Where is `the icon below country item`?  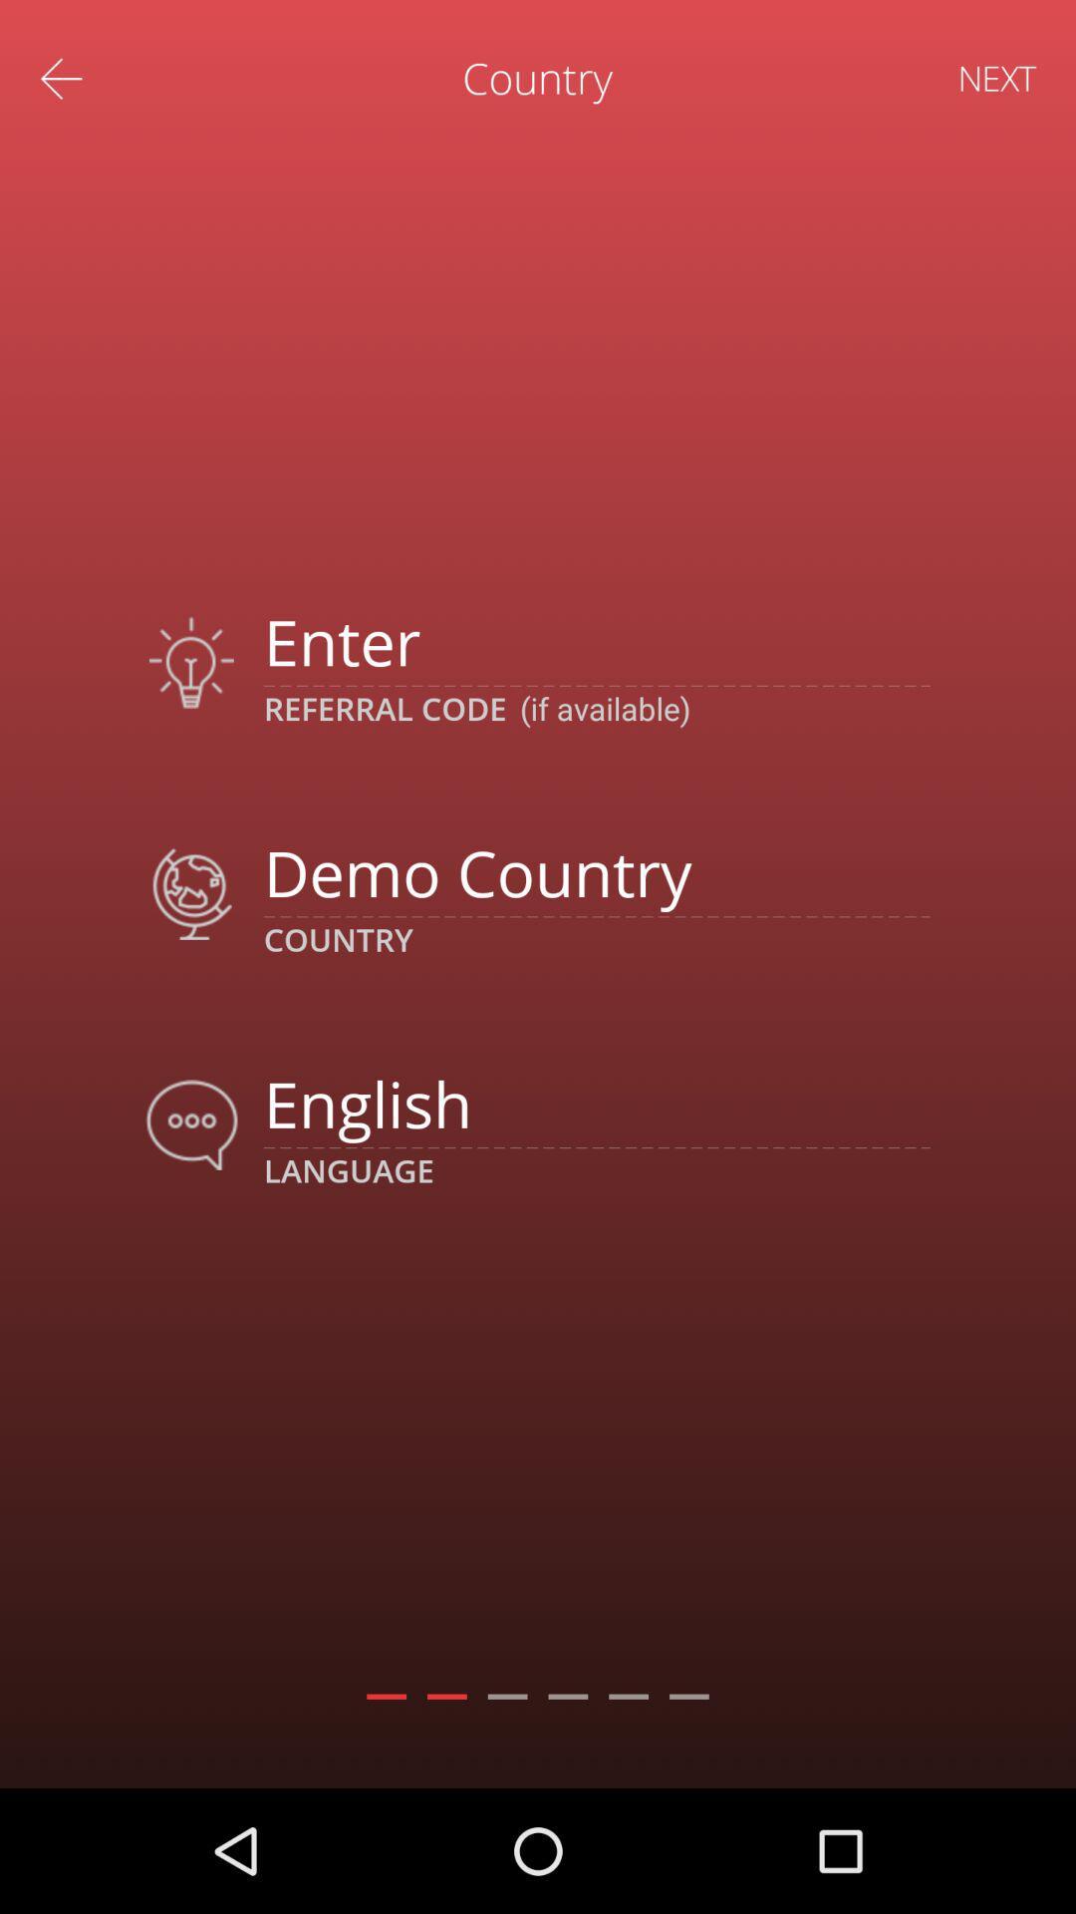 the icon below country item is located at coordinates (596, 1103).